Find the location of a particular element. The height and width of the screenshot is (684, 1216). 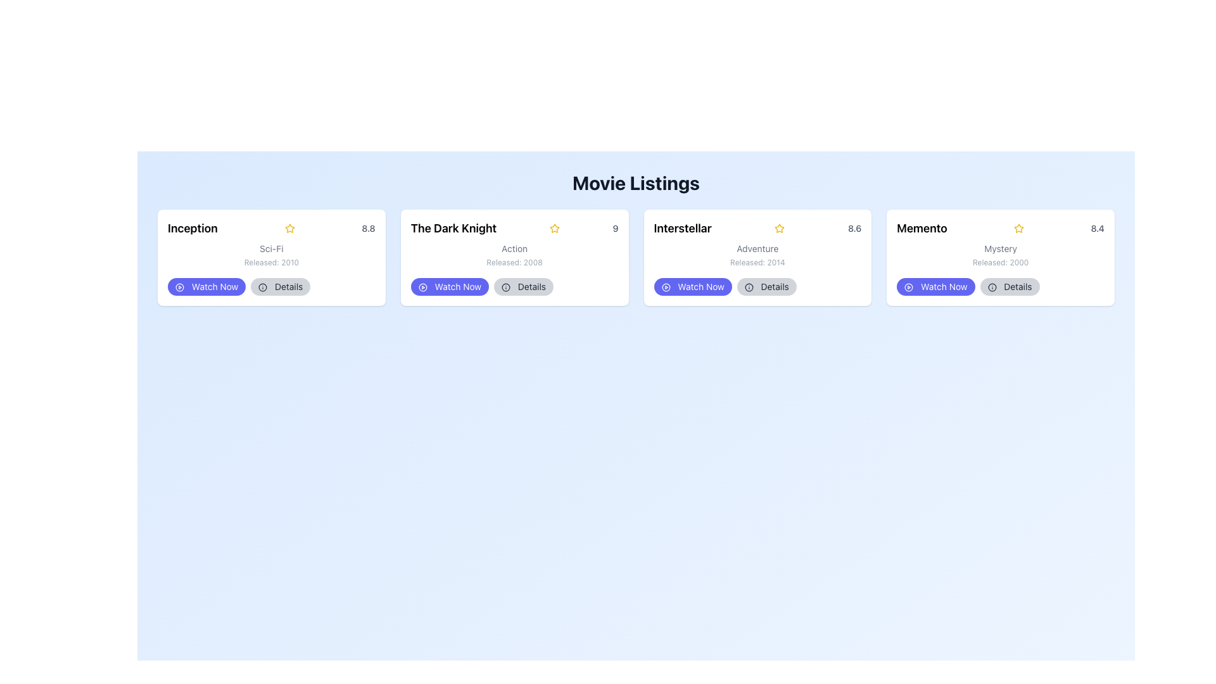

the informational text label that provides the release year of the movie 'Memento', located below the genre label 'Mystery' and above the 'Watch Now' button is located at coordinates (1000, 262).